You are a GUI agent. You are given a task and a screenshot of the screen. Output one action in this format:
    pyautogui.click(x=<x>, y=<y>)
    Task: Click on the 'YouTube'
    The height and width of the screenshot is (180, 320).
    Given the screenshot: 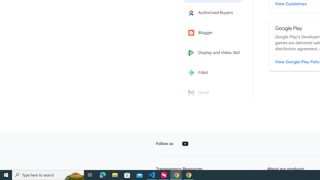 What is the action you would take?
    pyautogui.click(x=185, y=143)
    